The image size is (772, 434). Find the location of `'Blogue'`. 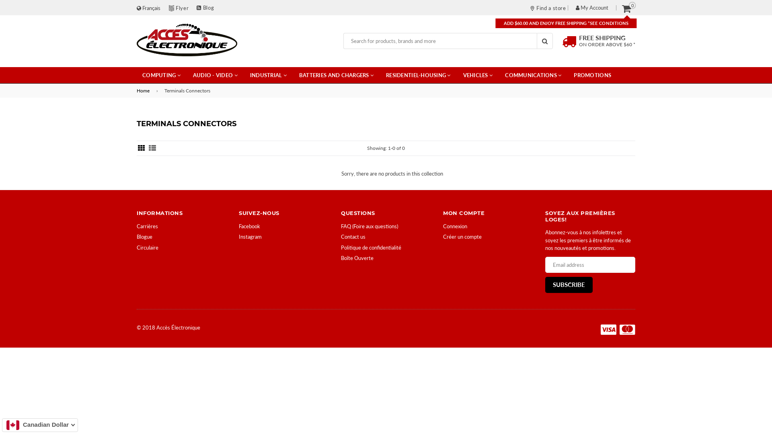

'Blogue' is located at coordinates (144, 236).